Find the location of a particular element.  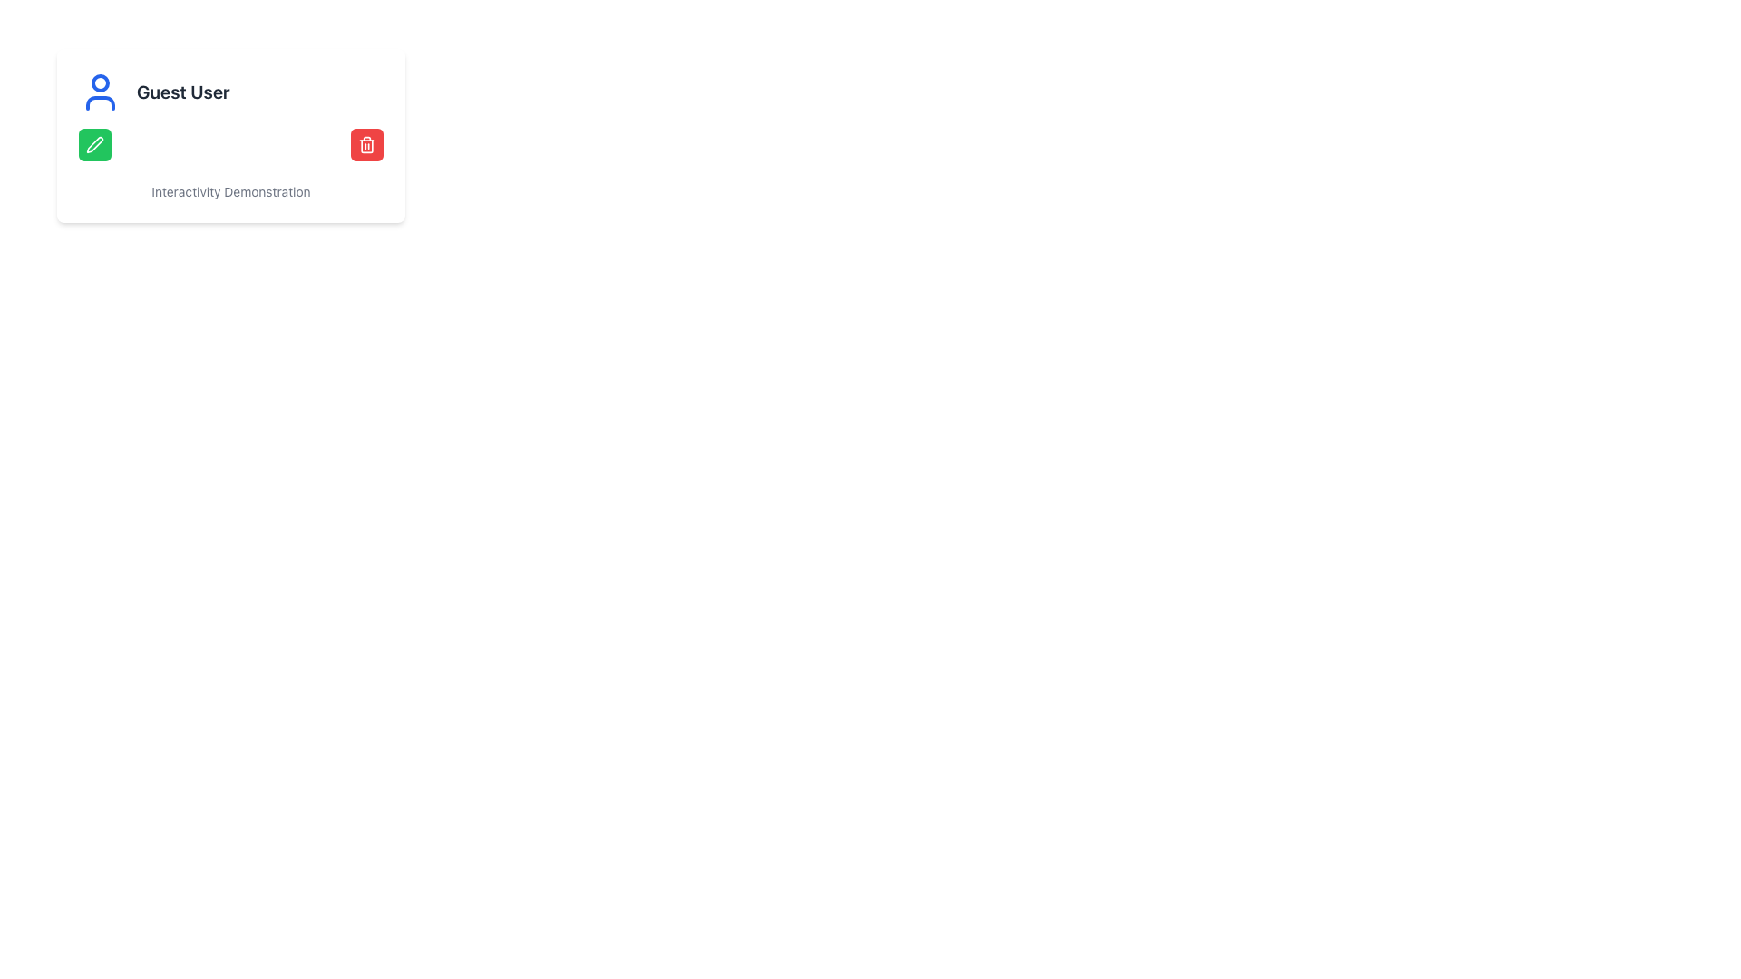

the white pencil icon on the green circular button located in the left-bottom segment of the user card is located at coordinates (94, 143).